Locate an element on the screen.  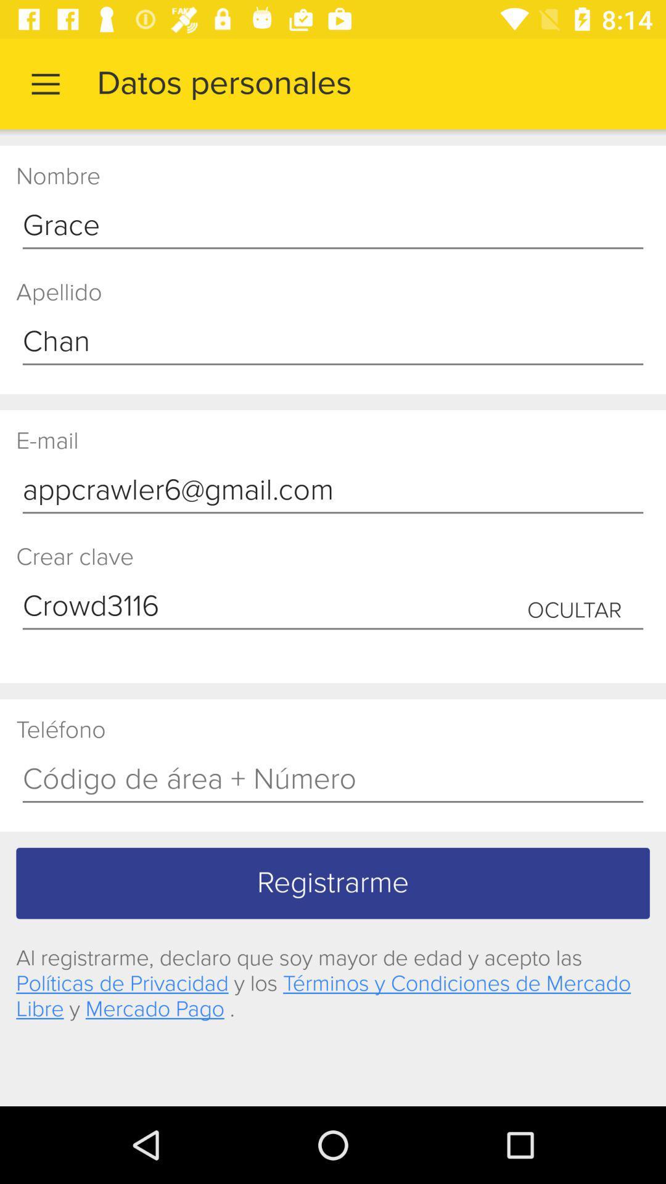
the crowd3116 item is located at coordinates (333, 607).